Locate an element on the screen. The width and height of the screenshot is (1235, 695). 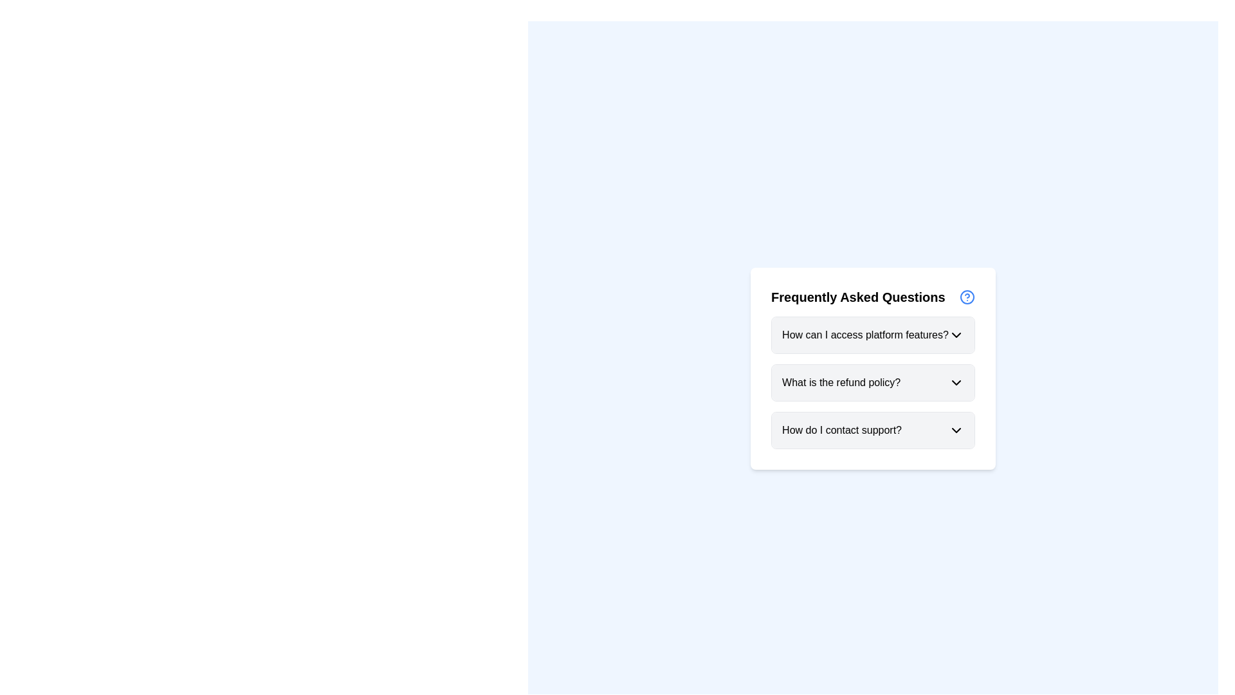
the second collapsible list item in the FAQ section is located at coordinates (873, 382).